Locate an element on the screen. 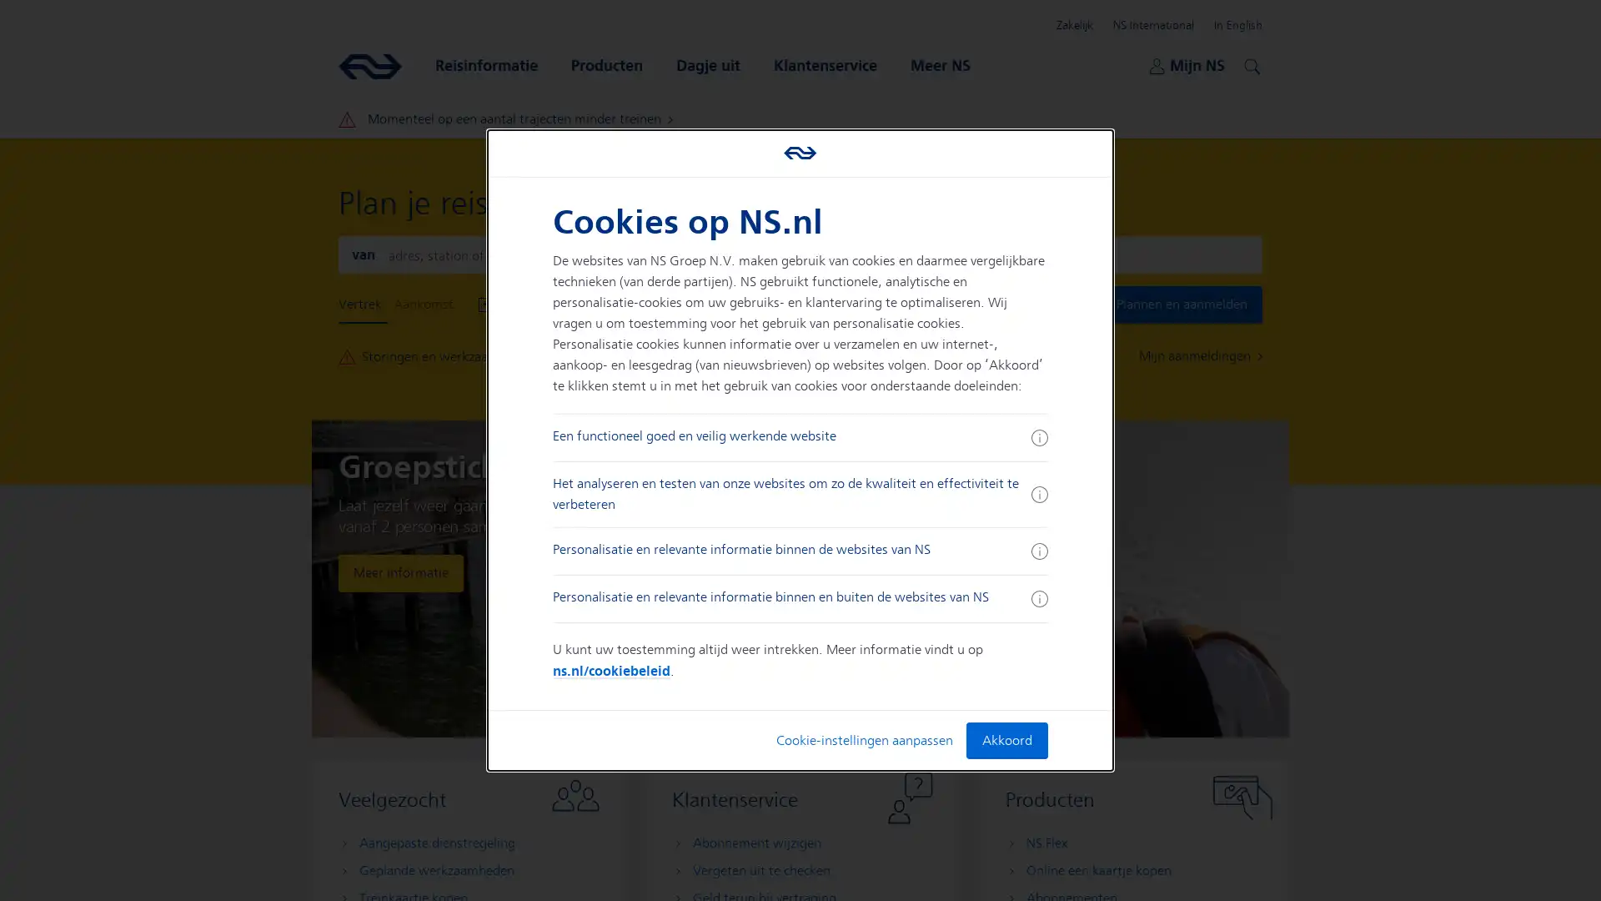 Image resolution: width=1601 pixels, height=901 pixels. Cookie-instellingen aanpassen is located at coordinates (864, 739).